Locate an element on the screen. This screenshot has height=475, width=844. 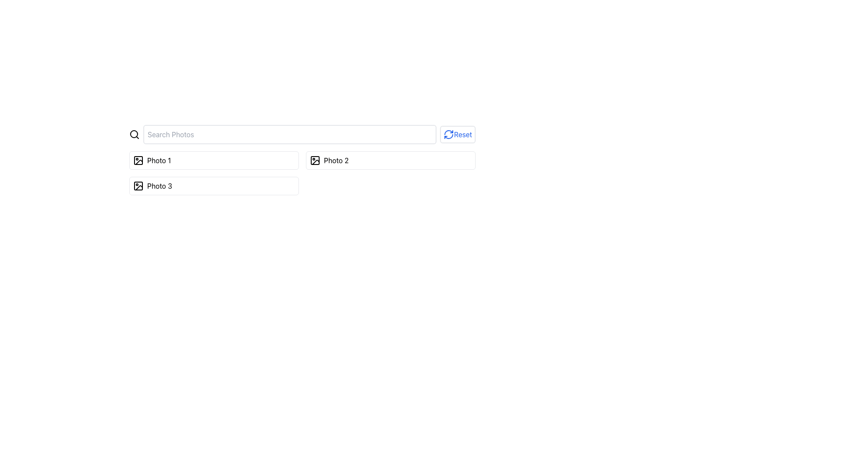
the image-related icon located on the top-left corner of the button labeled 'Photo 1' in the first row of the photo selection panel is located at coordinates (138, 161).